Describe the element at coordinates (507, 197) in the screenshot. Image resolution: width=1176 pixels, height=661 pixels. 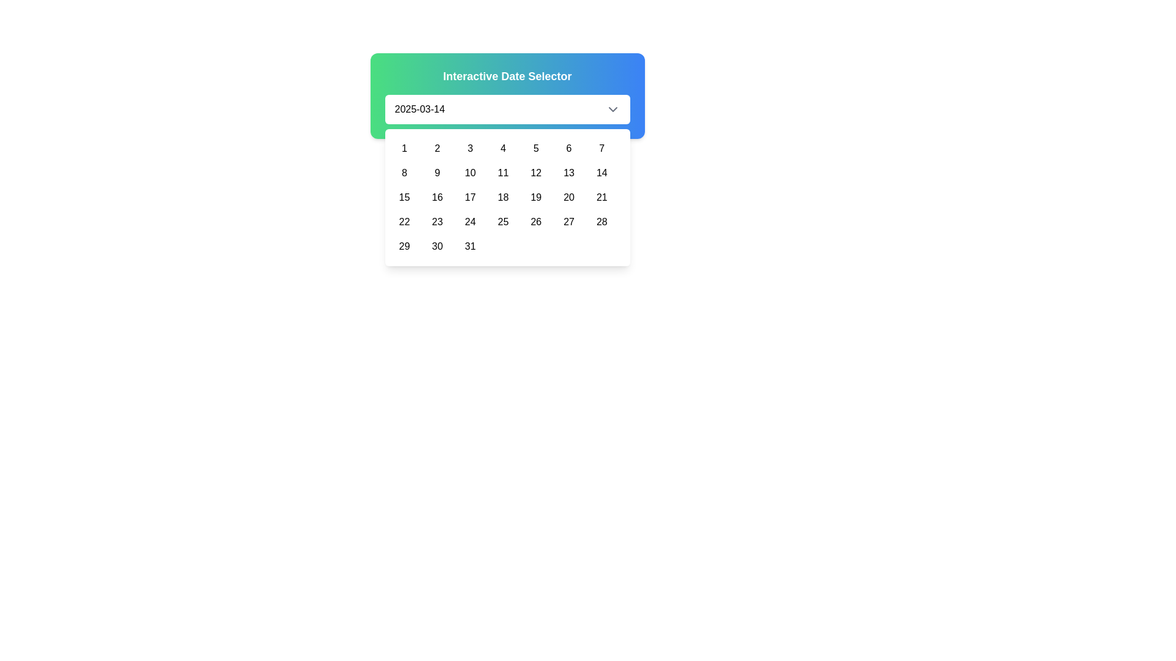
I see `to select multiple dates on the Interactive Calendar Grid located below the dropdown menu, which displays numbers 1` at that location.